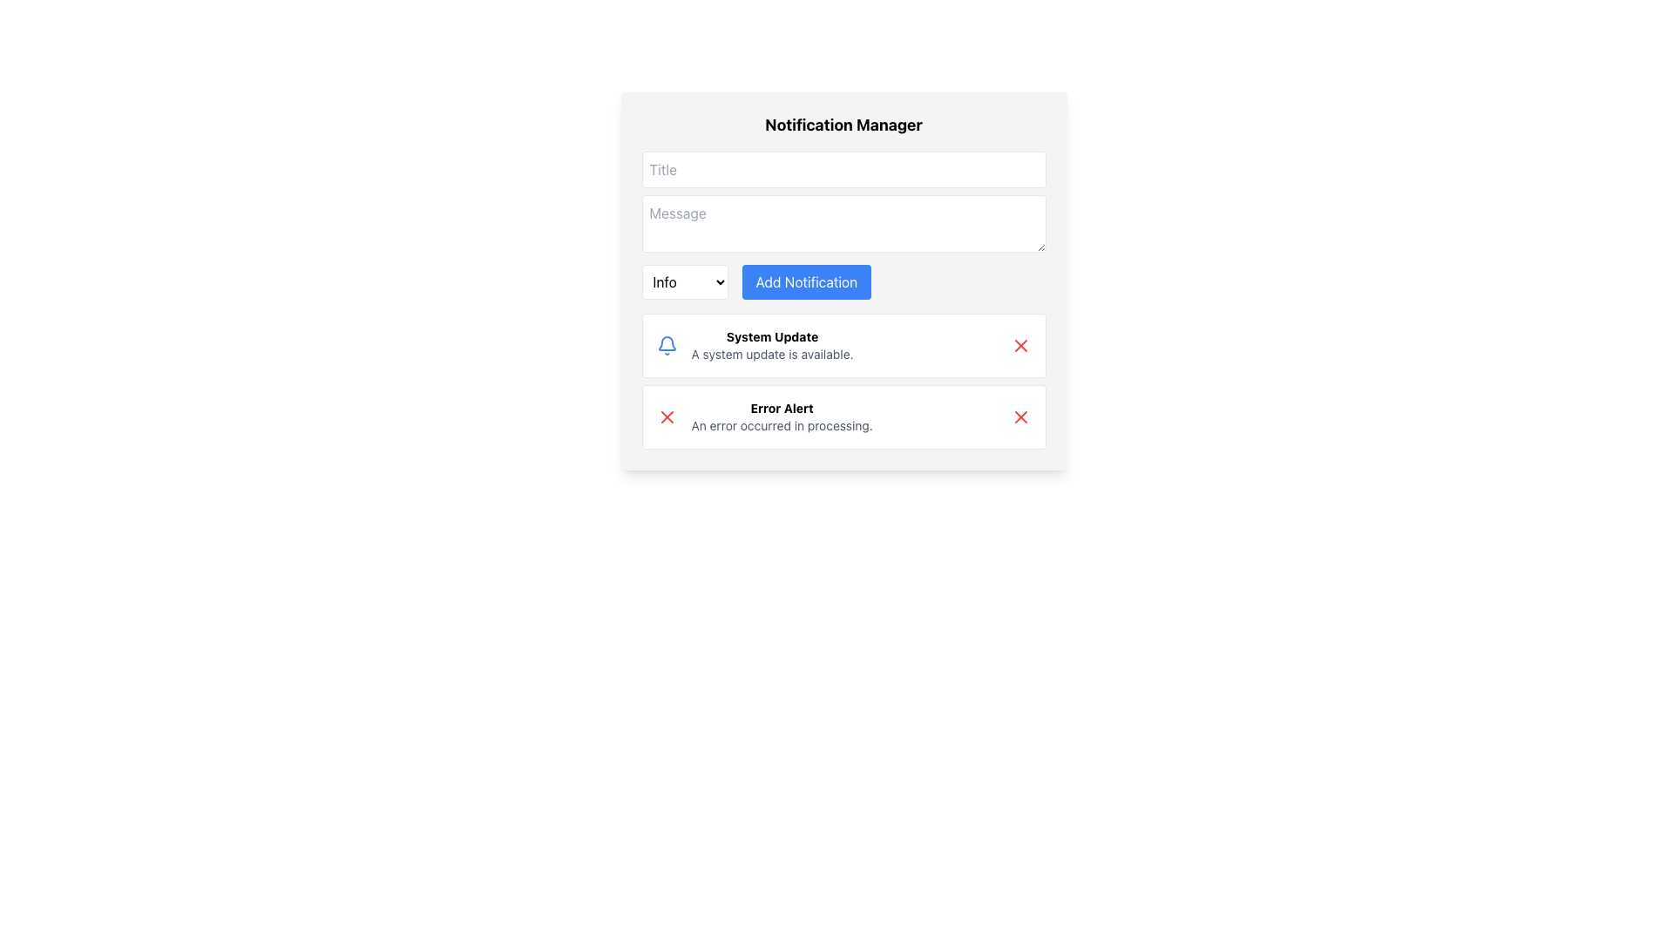 This screenshot has height=941, width=1673. What do you see at coordinates (843, 281) in the screenshot?
I see `the 'Add Notification' button in the notification management interface` at bounding box center [843, 281].